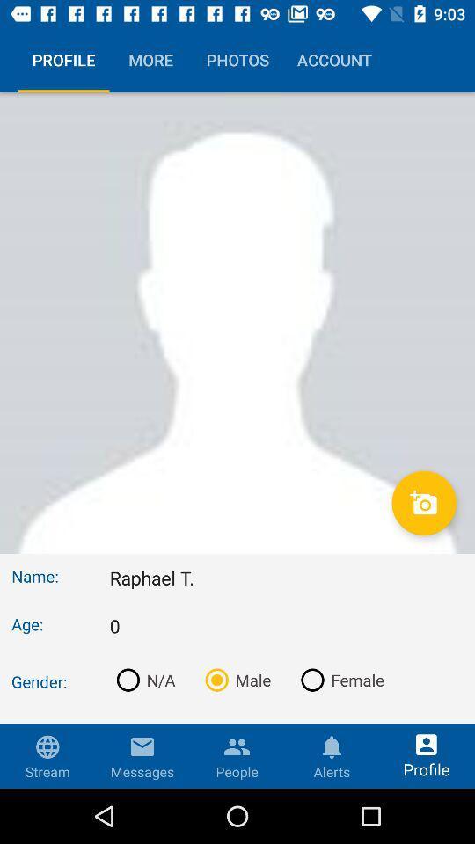  What do you see at coordinates (339, 679) in the screenshot?
I see `the female item` at bounding box center [339, 679].